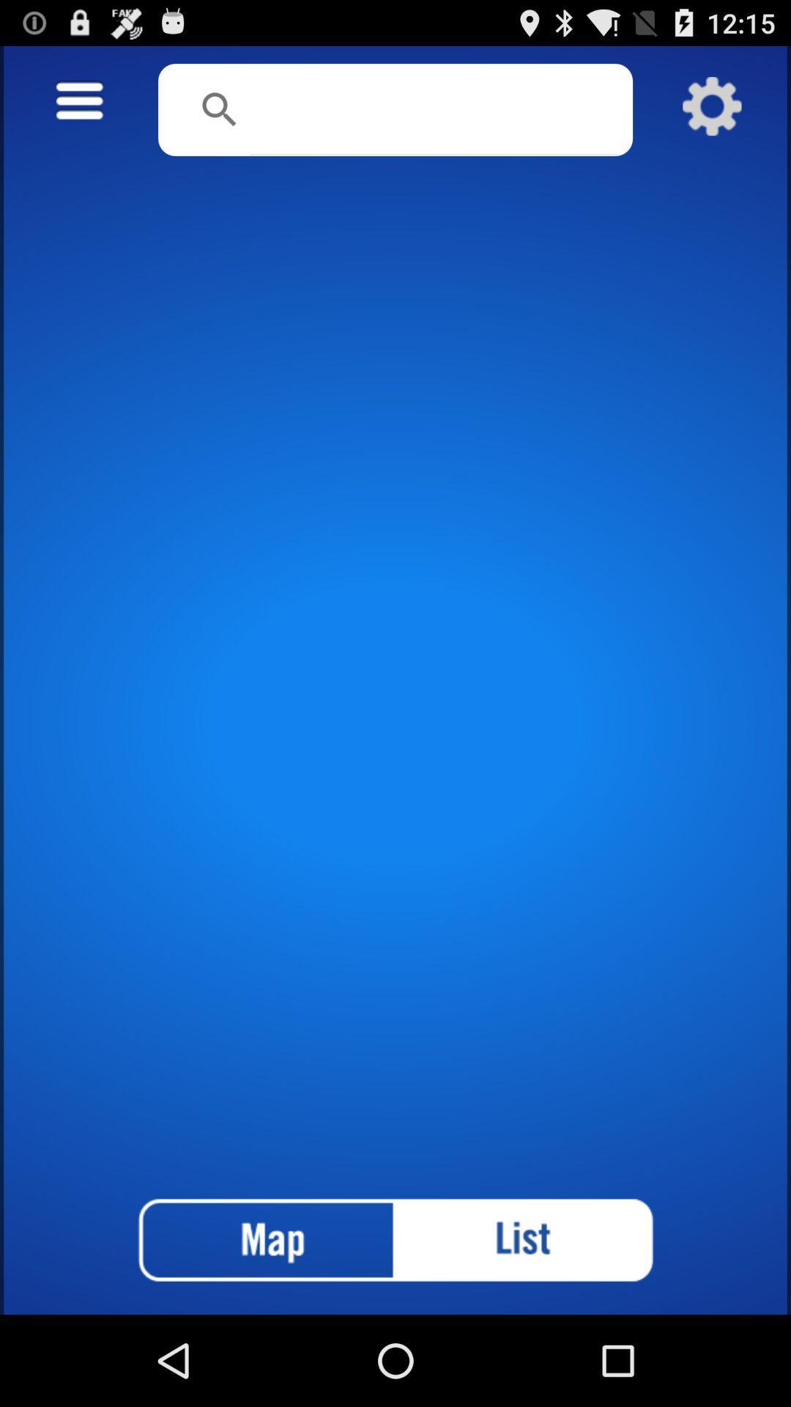 Image resolution: width=791 pixels, height=1407 pixels. Describe the element at coordinates (253, 1327) in the screenshot. I see `the national_flag icon` at that location.